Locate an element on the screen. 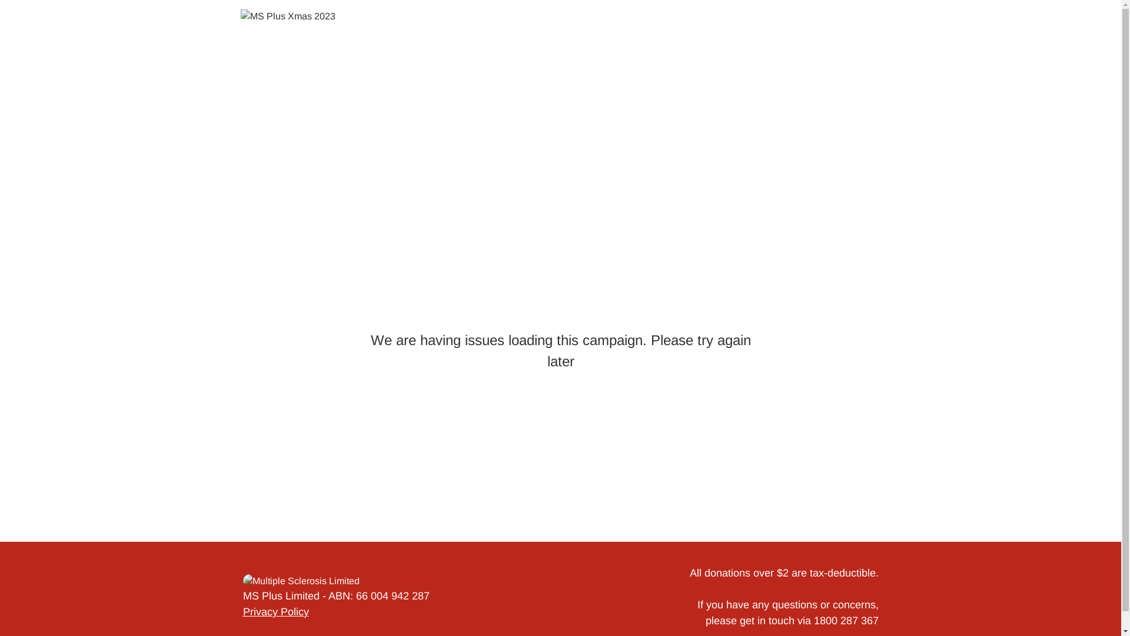  'Privacy Policy' is located at coordinates (274, 611).